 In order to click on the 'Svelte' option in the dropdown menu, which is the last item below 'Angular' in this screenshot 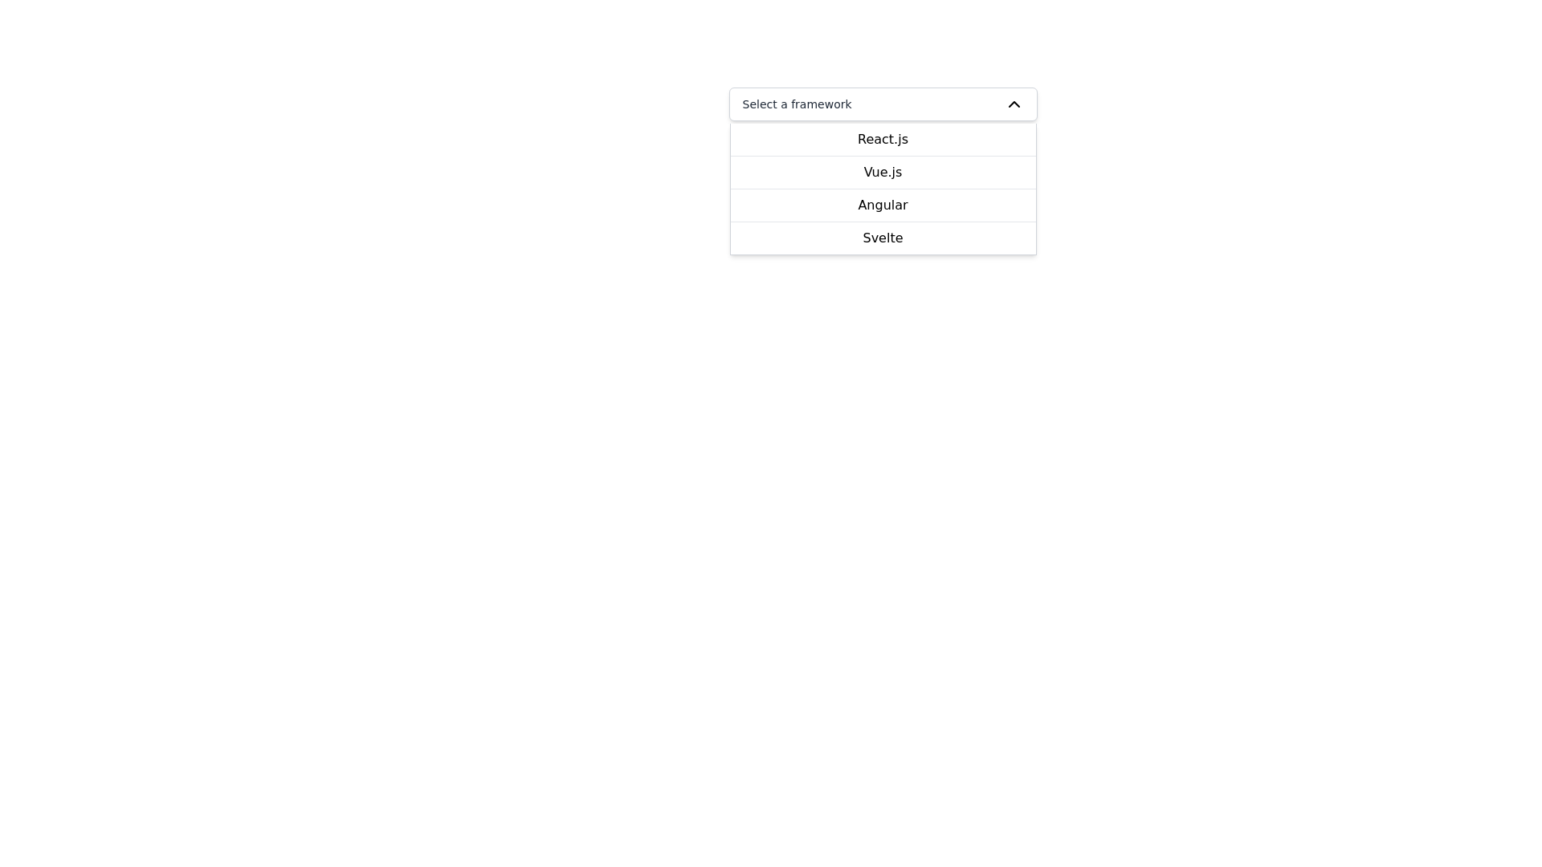, I will do `click(882, 238)`.